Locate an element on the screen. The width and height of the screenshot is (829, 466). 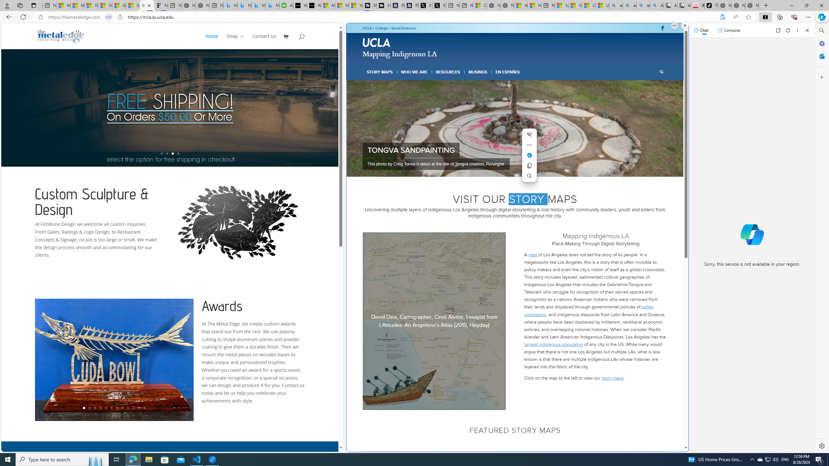
'Close split screen.' is located at coordinates (684, 25).